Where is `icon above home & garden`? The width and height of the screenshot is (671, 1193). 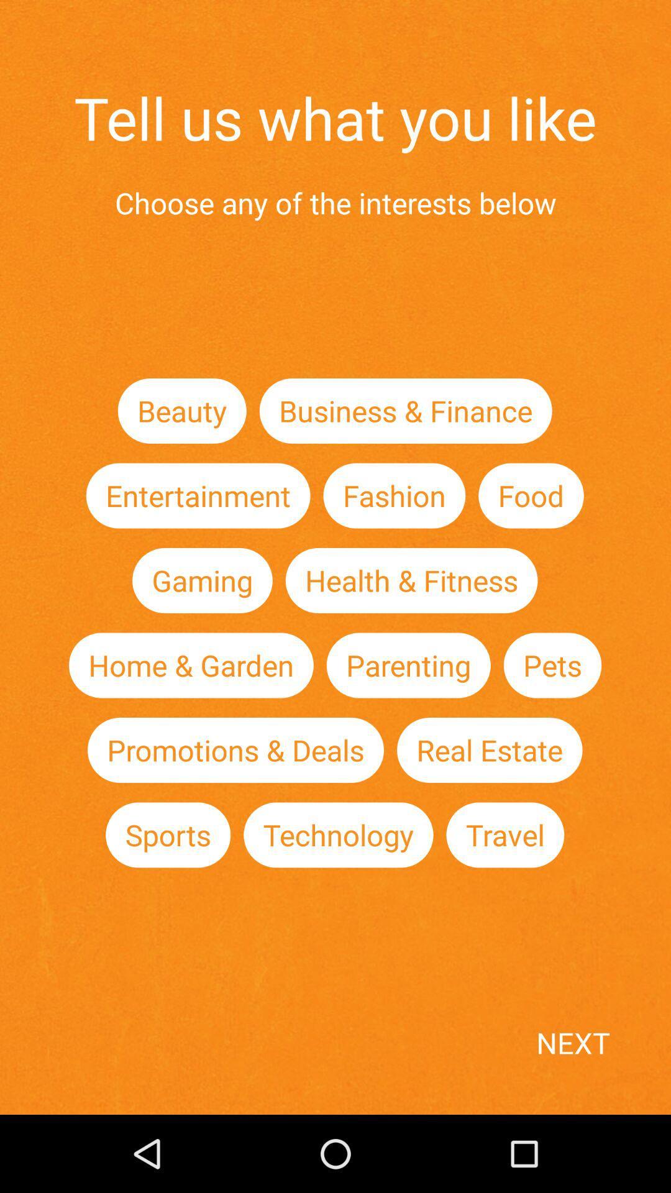
icon above home & garden is located at coordinates (201, 580).